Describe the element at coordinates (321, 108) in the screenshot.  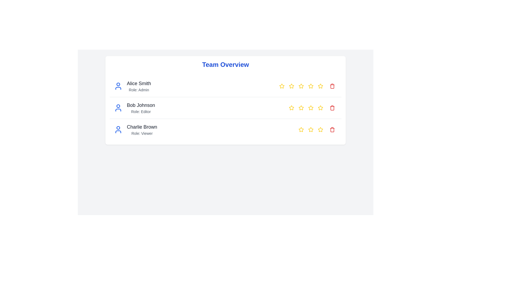
I see `the star icon button styled as a star for user 'Bob Johnson'` at that location.